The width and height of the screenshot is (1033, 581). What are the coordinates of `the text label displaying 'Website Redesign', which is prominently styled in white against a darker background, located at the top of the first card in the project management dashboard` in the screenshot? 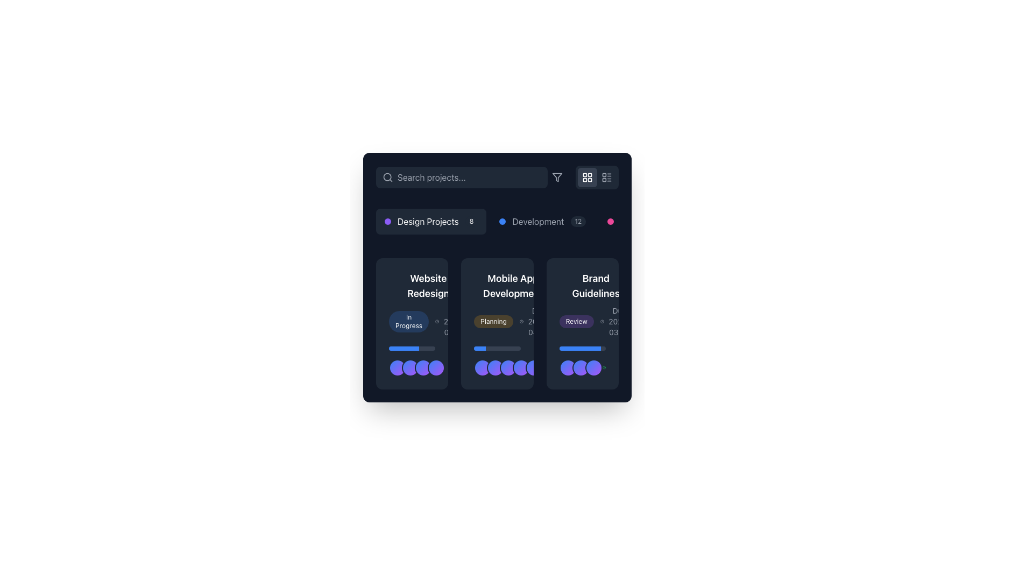 It's located at (428, 286).